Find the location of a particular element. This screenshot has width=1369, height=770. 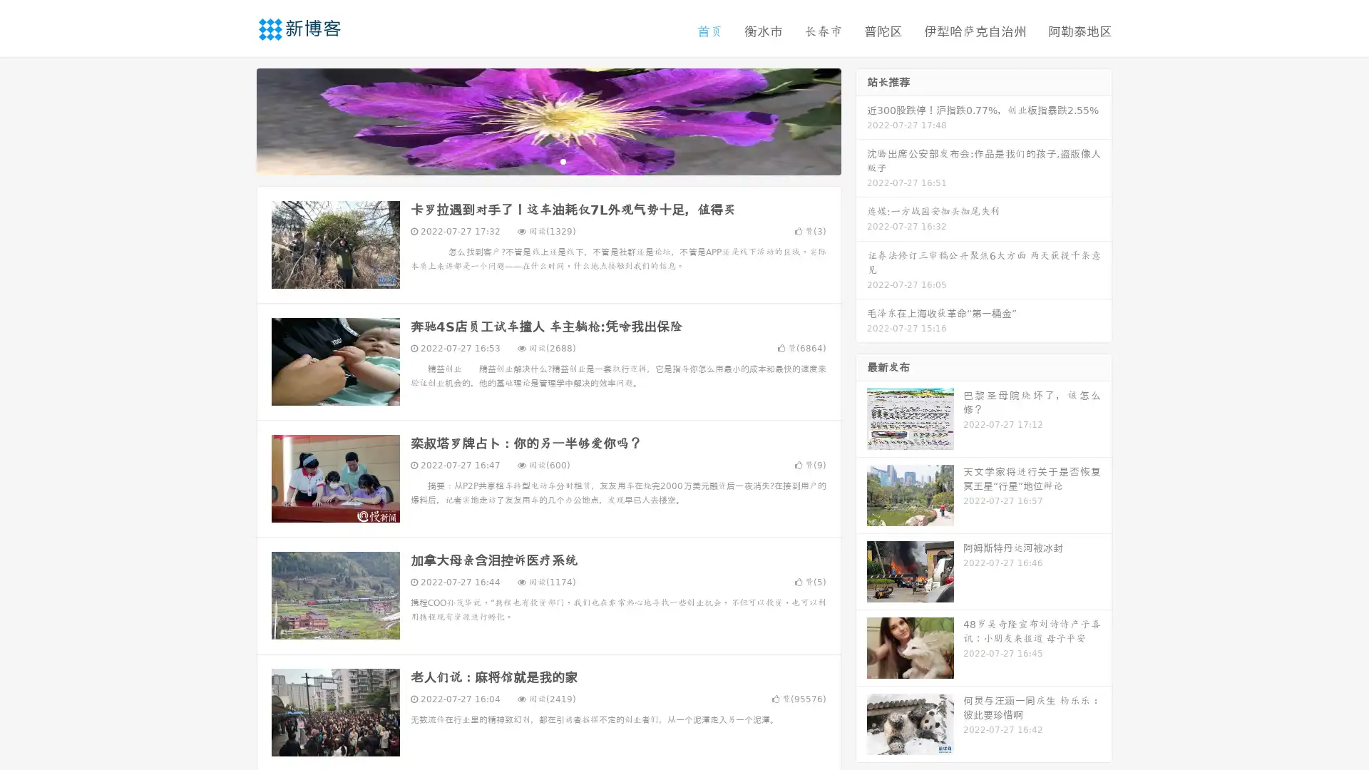

Go to slide 1 is located at coordinates (533, 160).